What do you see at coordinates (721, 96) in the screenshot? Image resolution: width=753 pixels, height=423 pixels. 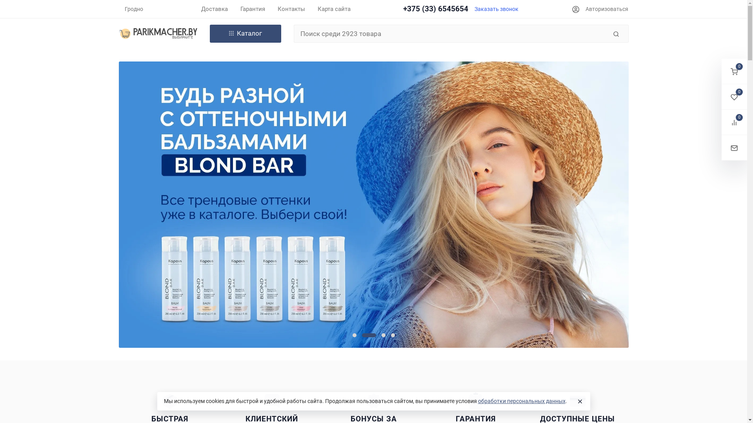 I see `'0'` at bounding box center [721, 96].